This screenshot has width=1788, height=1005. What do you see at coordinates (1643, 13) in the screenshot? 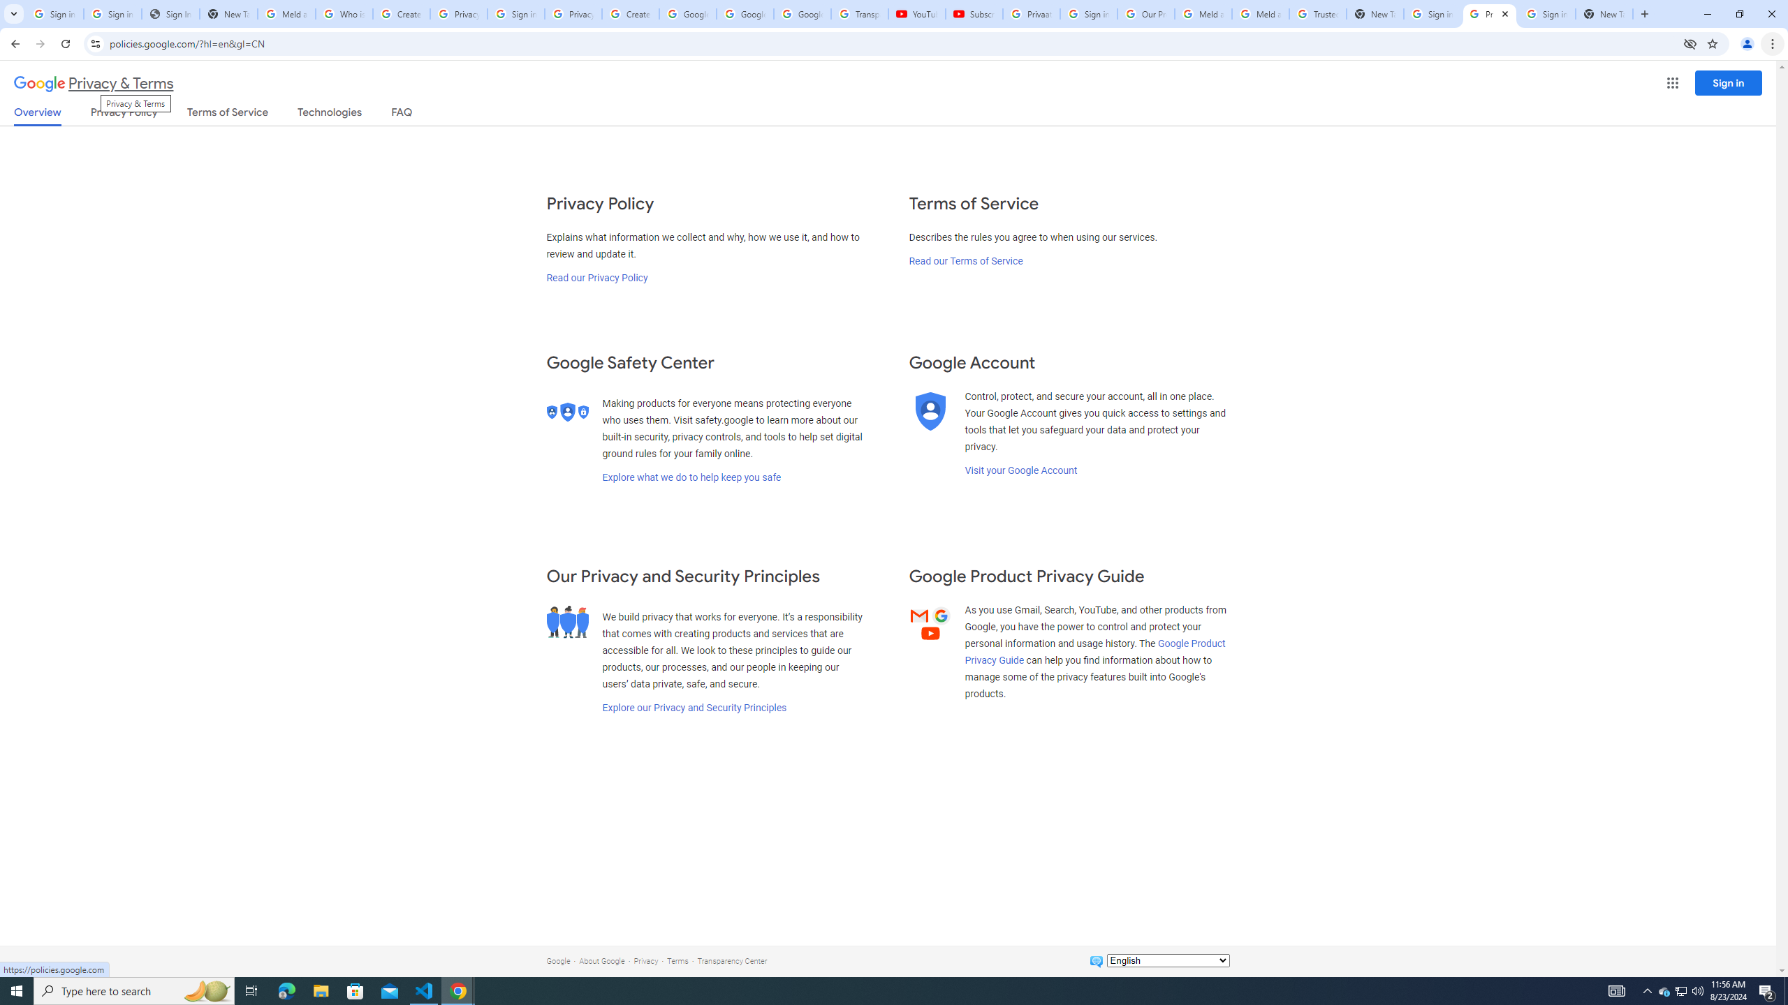
I see `'New Tab'` at bounding box center [1643, 13].